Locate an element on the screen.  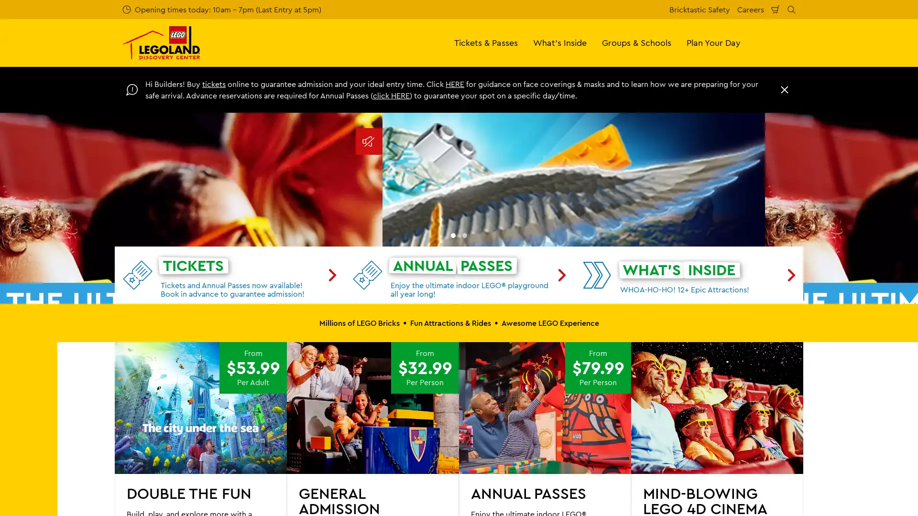
Plan Your Day is located at coordinates (713, 42).